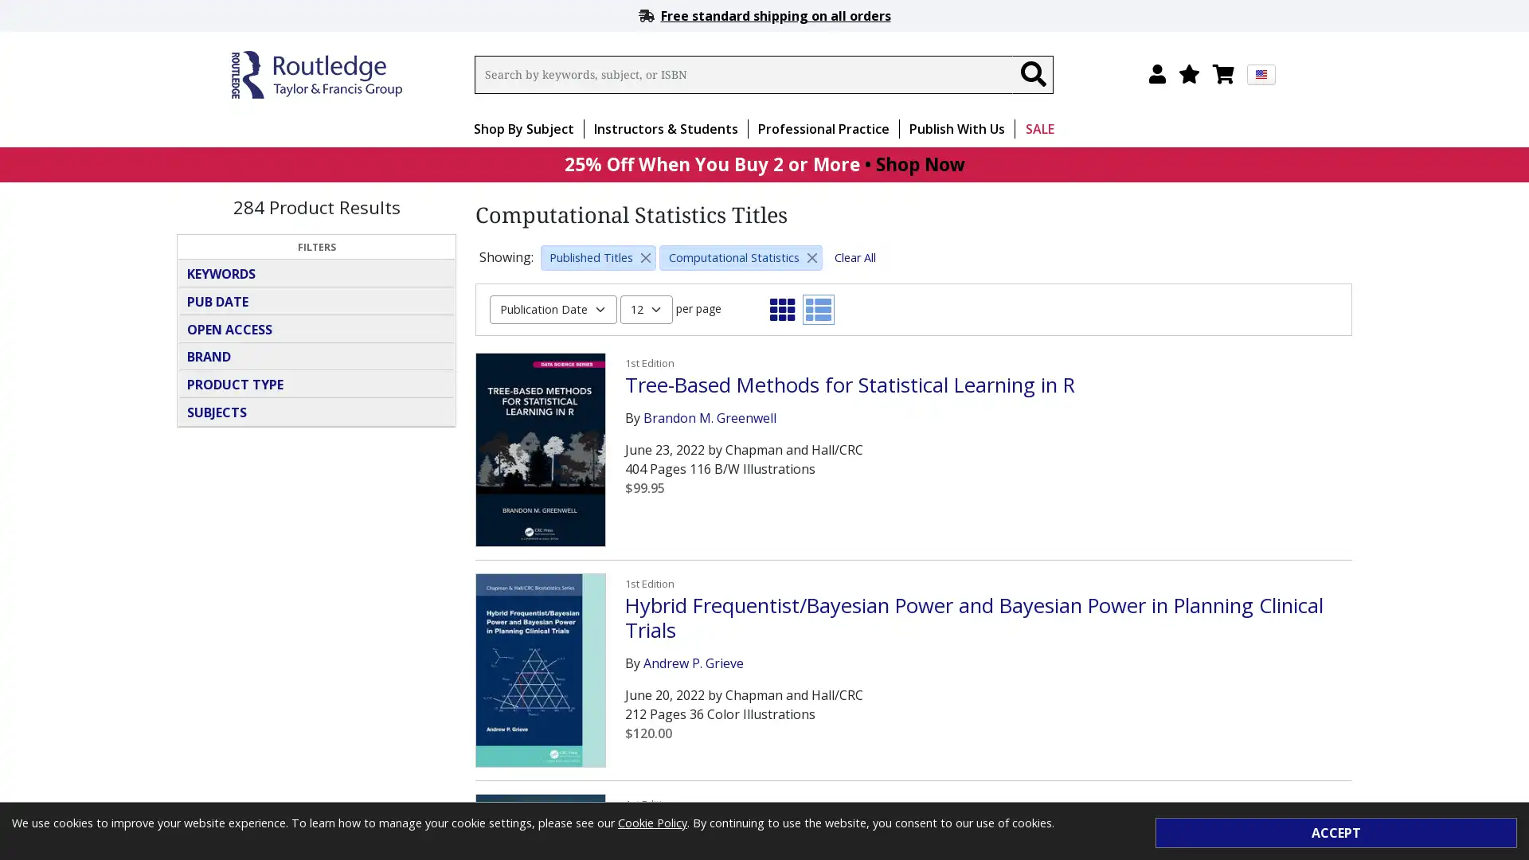  I want to click on SUBJECTS, so click(316, 410).